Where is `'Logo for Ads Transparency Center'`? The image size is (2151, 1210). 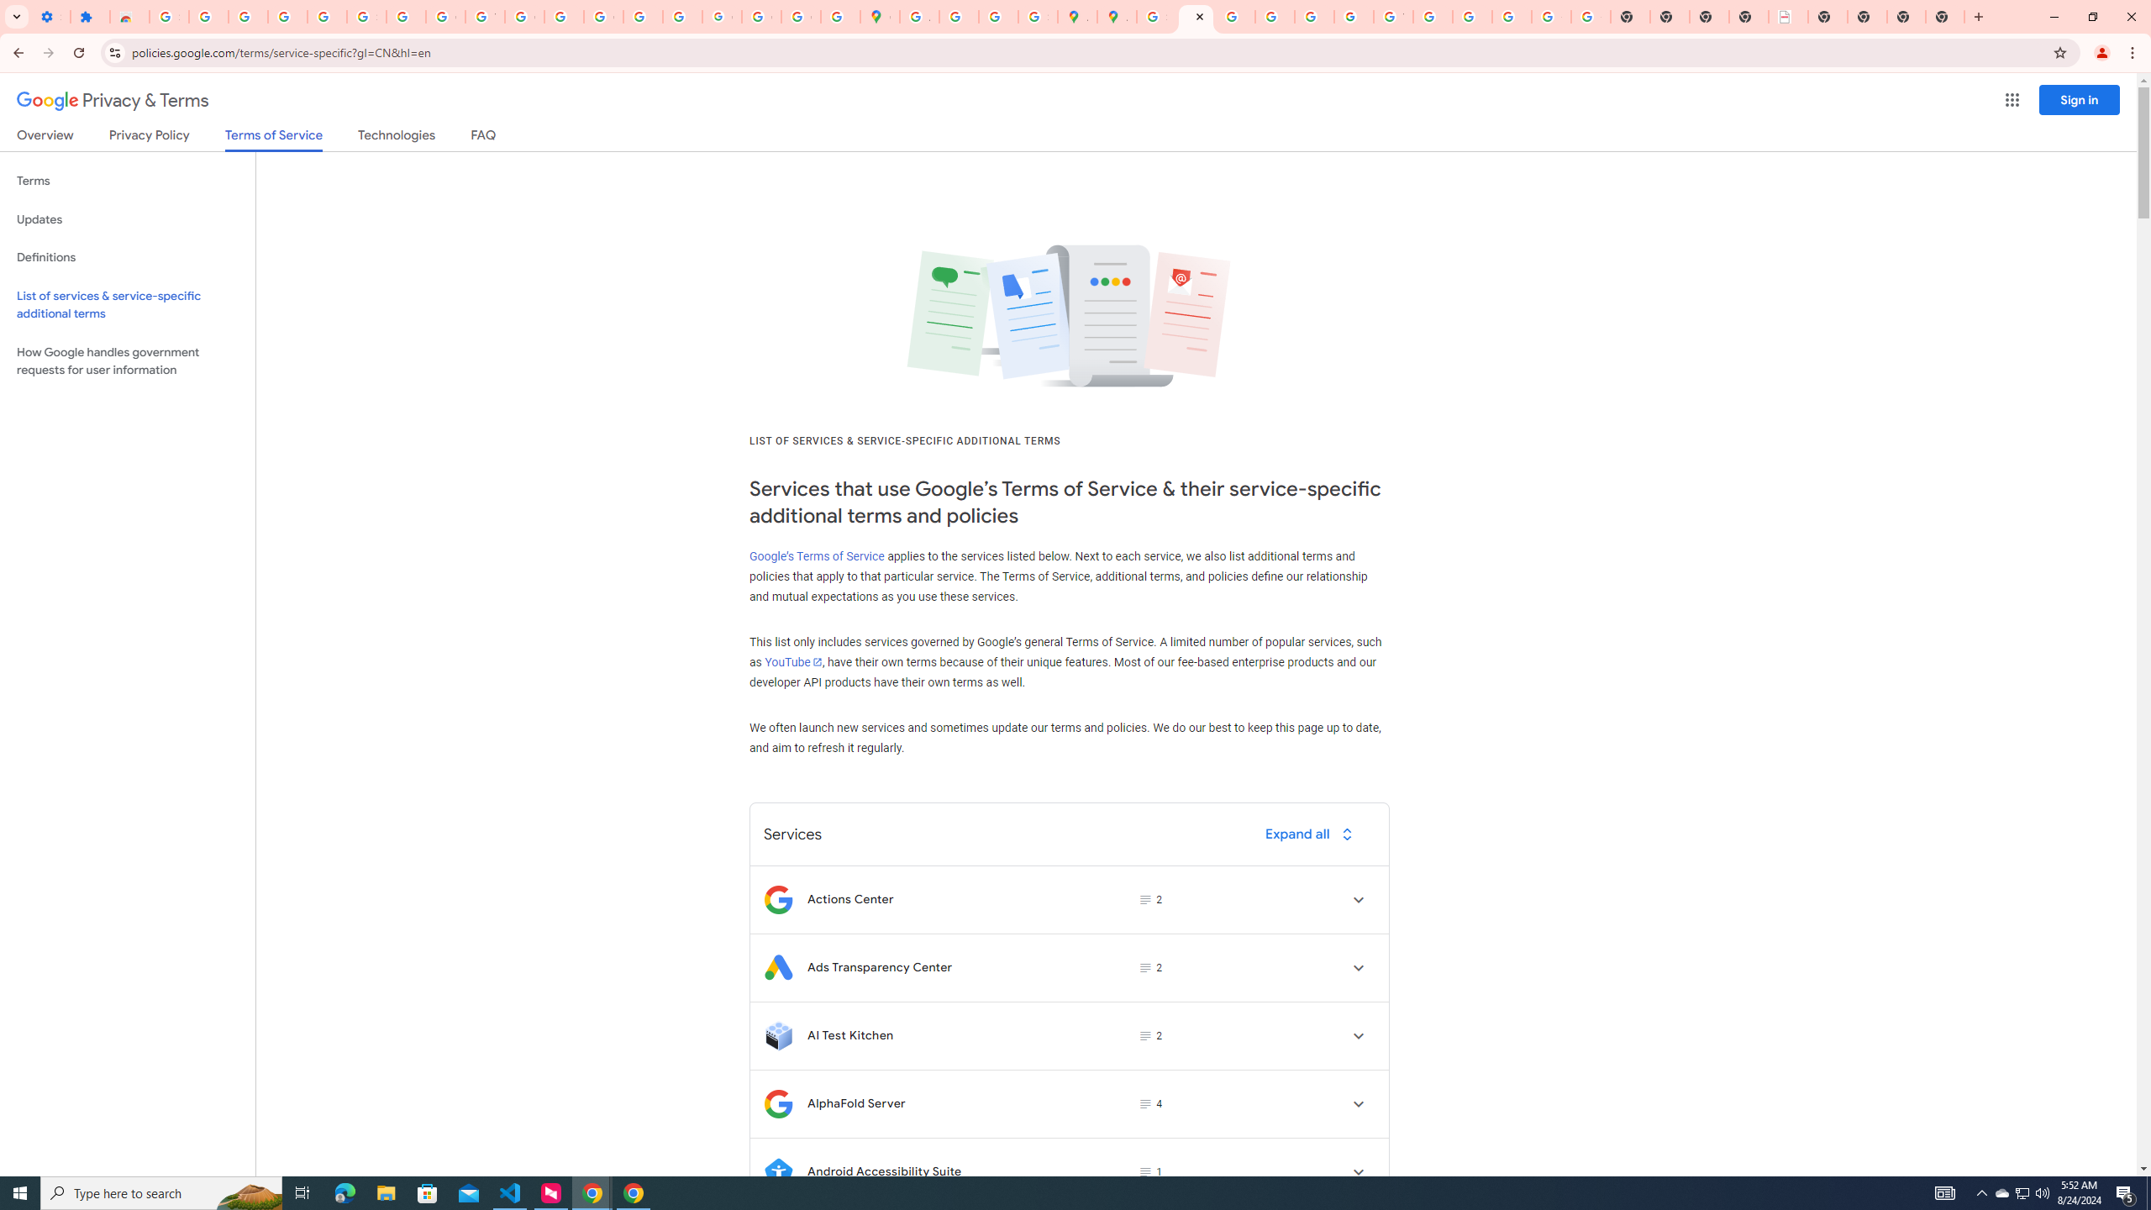
'Logo for Ads Transparency Center' is located at coordinates (777, 966).